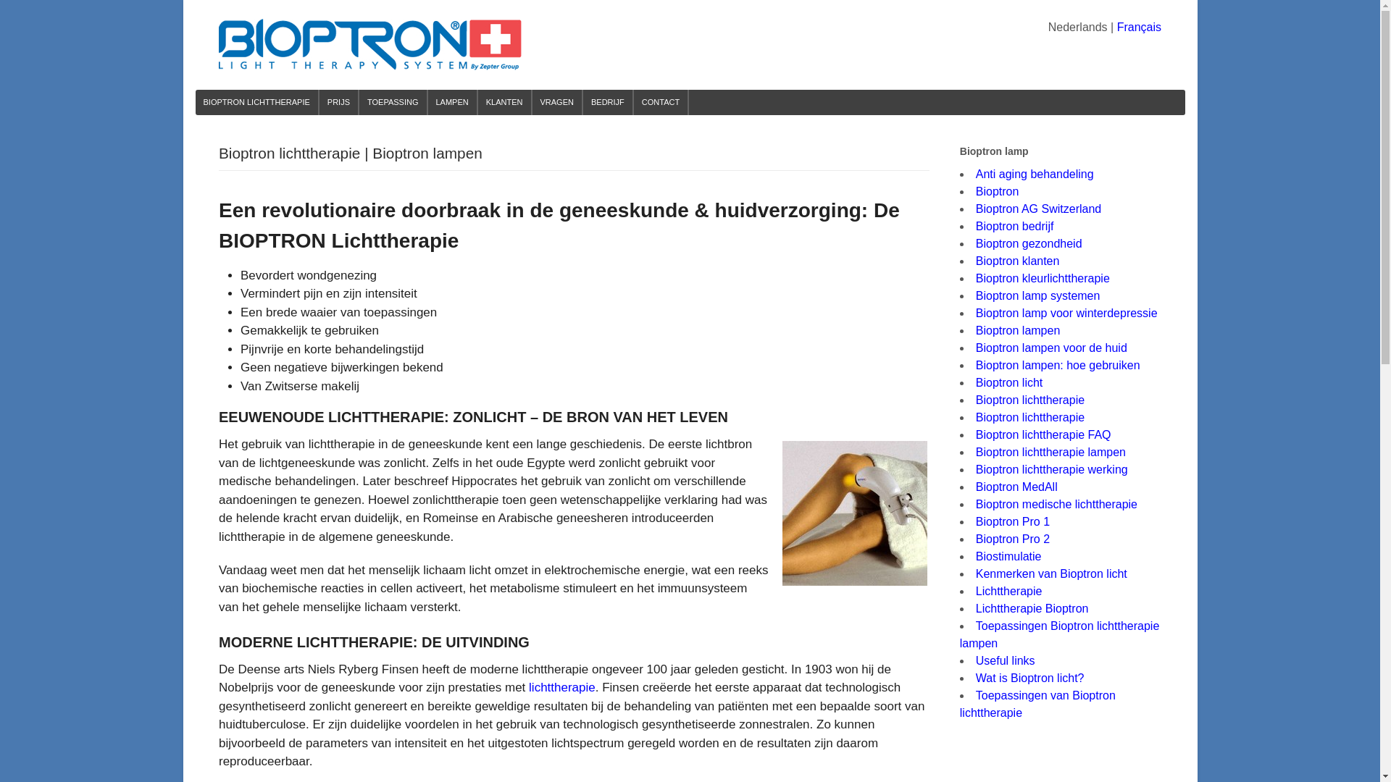 This screenshot has width=1391, height=782. What do you see at coordinates (1042, 278) in the screenshot?
I see `'Bioptron kleurlichttherapie'` at bounding box center [1042, 278].